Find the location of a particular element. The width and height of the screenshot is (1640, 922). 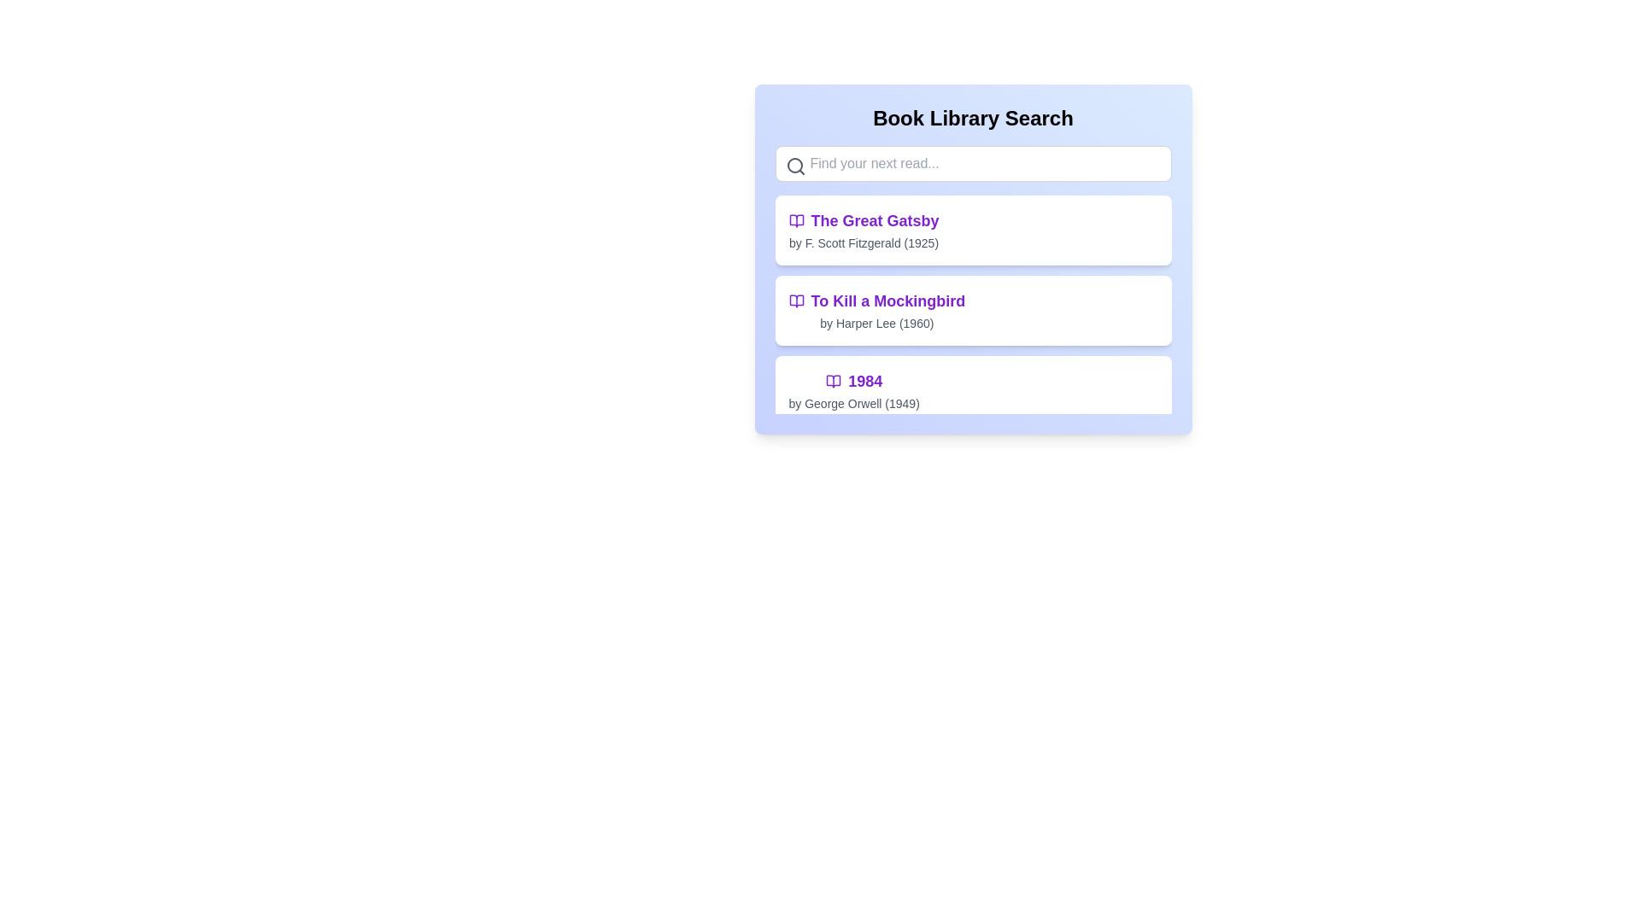

the static text component representing the book's title and author, located centrally within the second list item of the library's book list is located at coordinates (876, 310).